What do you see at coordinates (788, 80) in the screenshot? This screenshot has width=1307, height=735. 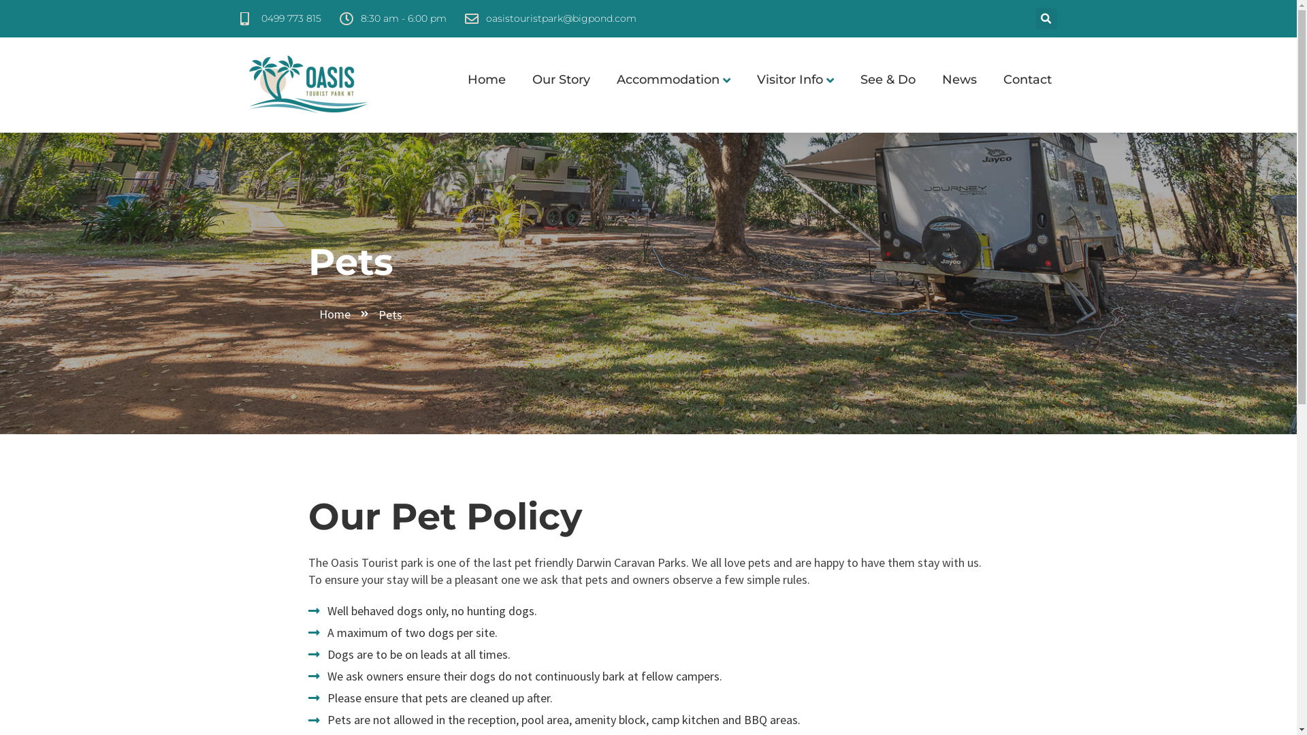 I see `'Visitor Info'` at bounding box center [788, 80].